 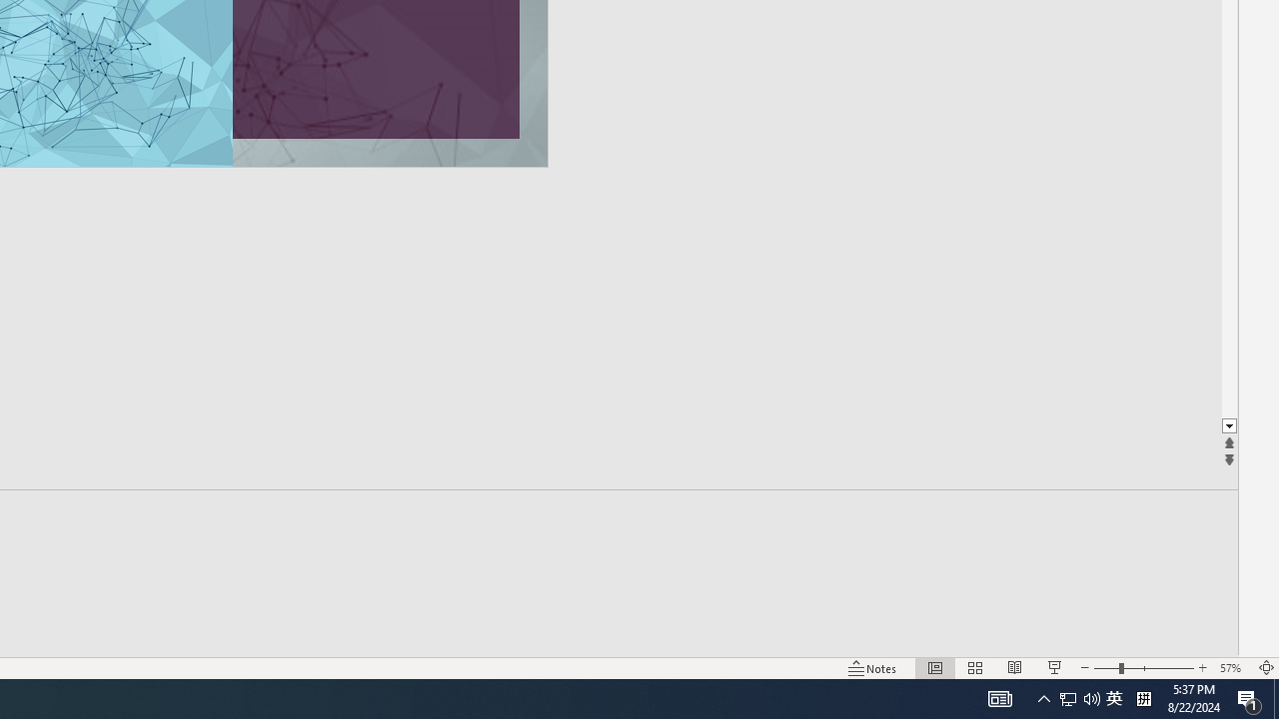 What do you see at coordinates (1232, 668) in the screenshot?
I see `'Zoom 57%'` at bounding box center [1232, 668].